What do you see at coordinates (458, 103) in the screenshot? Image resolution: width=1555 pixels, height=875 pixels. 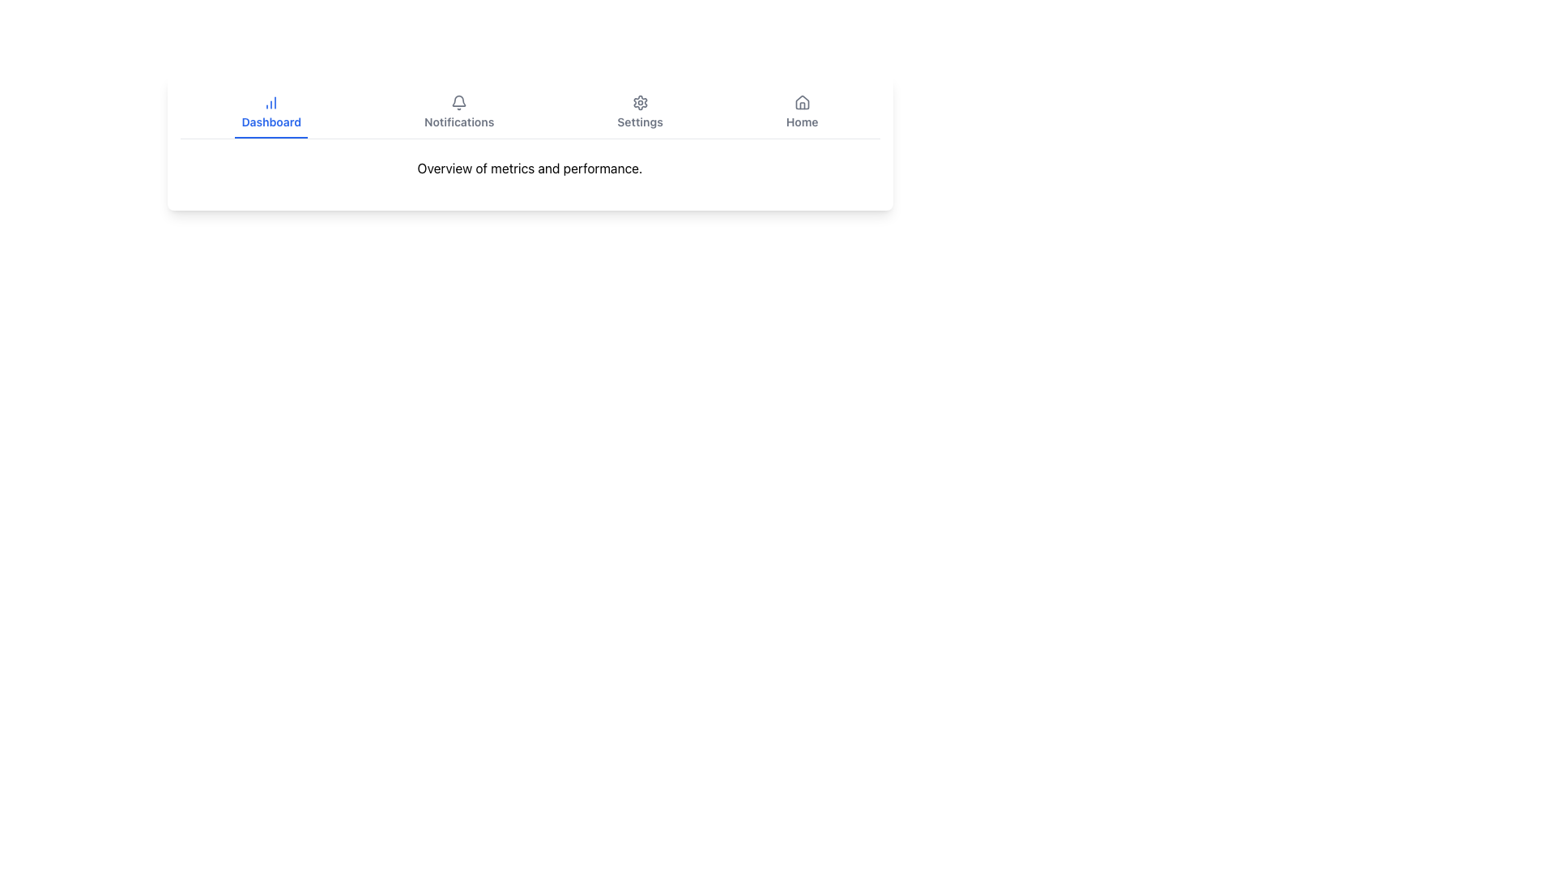 I see `the gray bell-shaped icon in the Notifications section` at bounding box center [458, 103].